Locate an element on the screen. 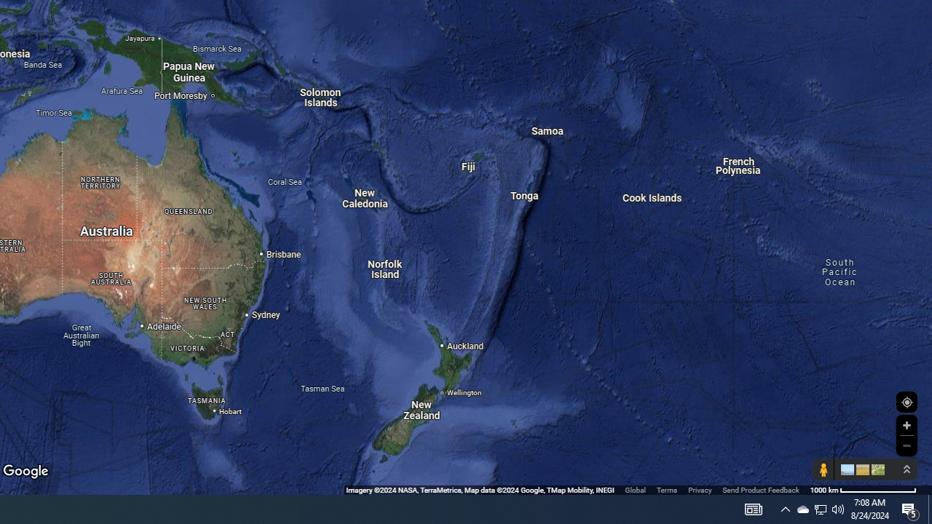  'Privacy' is located at coordinates (700, 490).